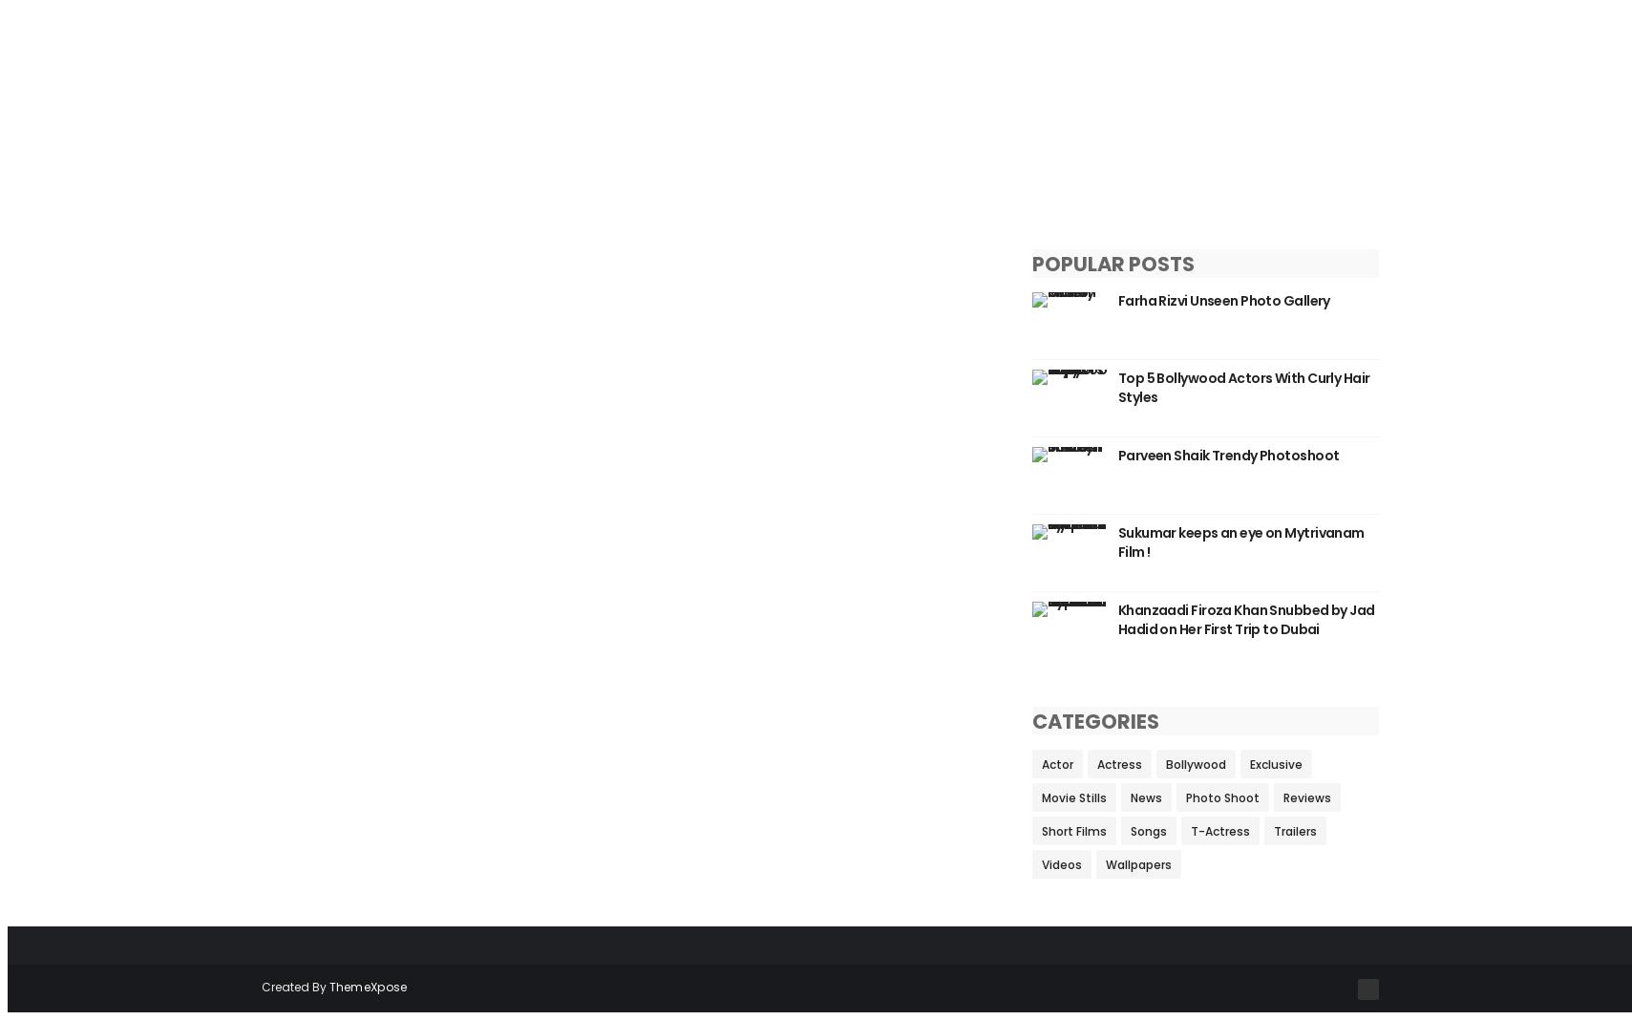 This screenshot has width=1632, height=1020. What do you see at coordinates (1129, 797) in the screenshot?
I see `'News'` at bounding box center [1129, 797].